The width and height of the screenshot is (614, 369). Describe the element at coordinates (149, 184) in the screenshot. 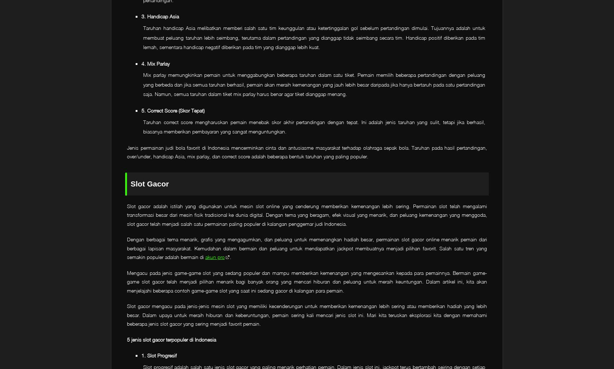

I see `'Slot Gacor'` at that location.